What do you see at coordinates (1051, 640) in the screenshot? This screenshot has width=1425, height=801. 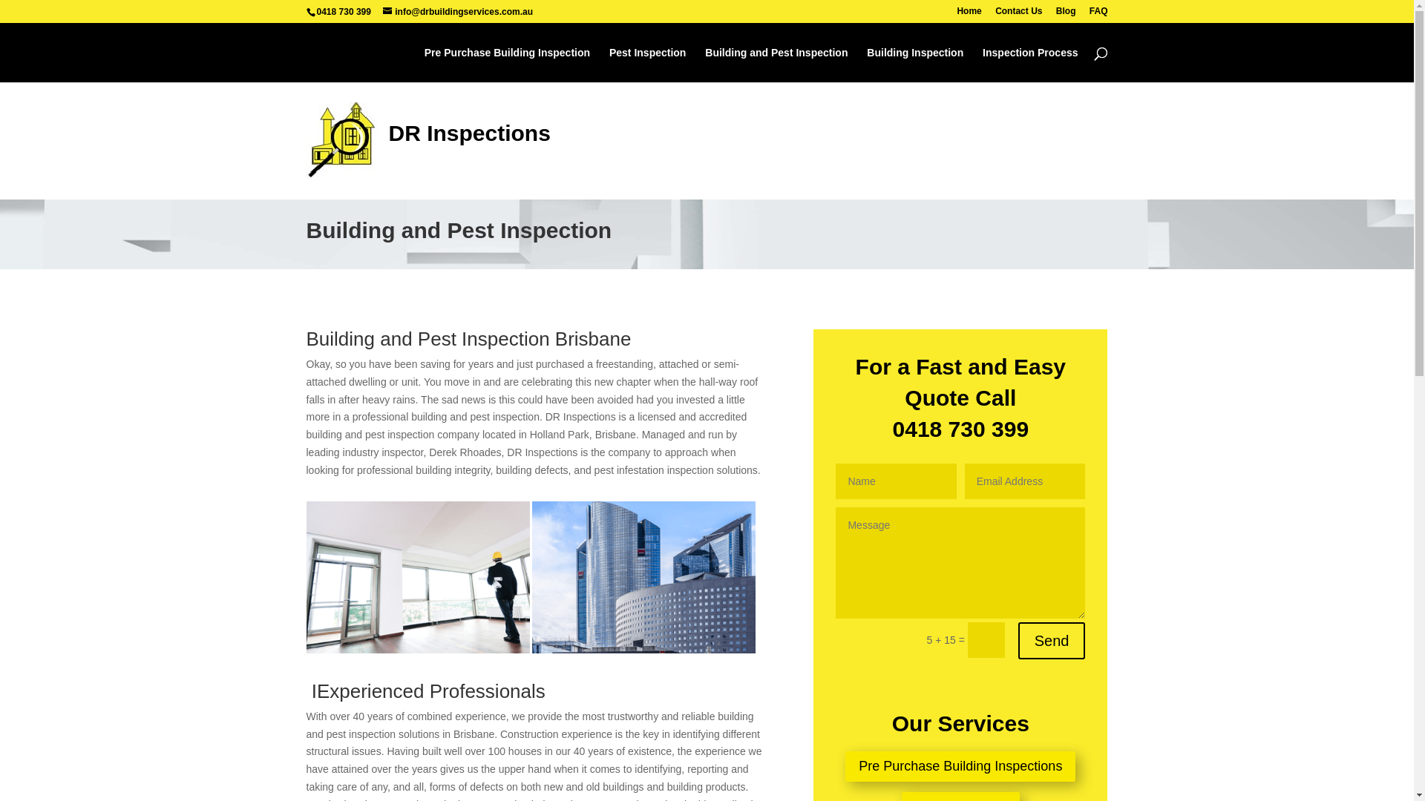 I see `'Send'` at bounding box center [1051, 640].